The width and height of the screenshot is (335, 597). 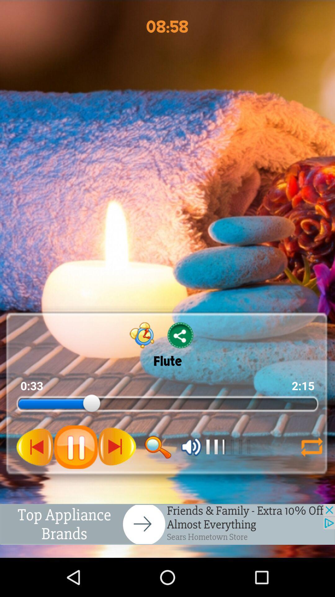 What do you see at coordinates (181, 335) in the screenshot?
I see `share the information` at bounding box center [181, 335].